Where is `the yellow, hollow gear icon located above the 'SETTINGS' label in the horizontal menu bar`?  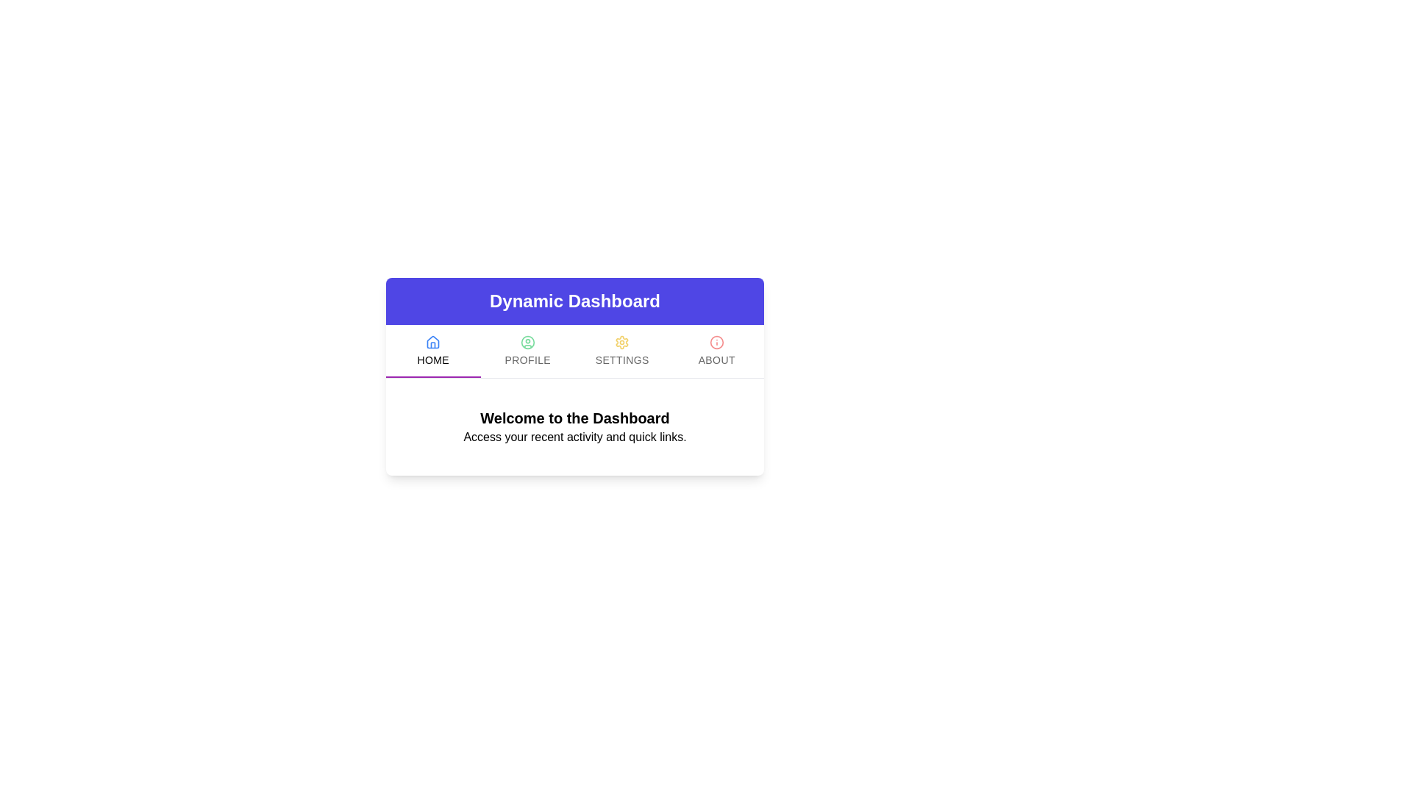
the yellow, hollow gear icon located above the 'SETTINGS' label in the horizontal menu bar is located at coordinates (622, 343).